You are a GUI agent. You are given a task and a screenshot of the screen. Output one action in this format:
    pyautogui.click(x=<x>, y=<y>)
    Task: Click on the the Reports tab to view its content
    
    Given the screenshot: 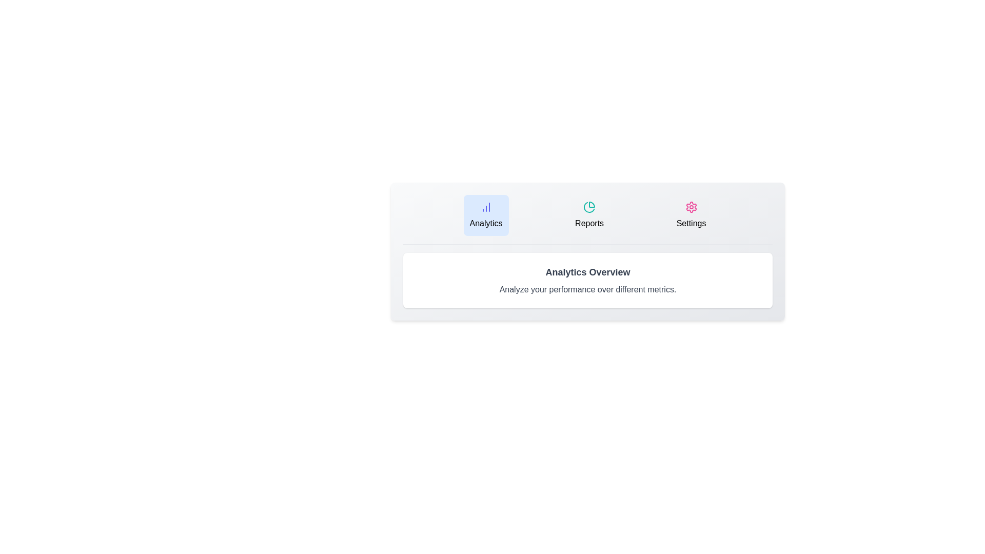 What is the action you would take?
    pyautogui.click(x=589, y=215)
    